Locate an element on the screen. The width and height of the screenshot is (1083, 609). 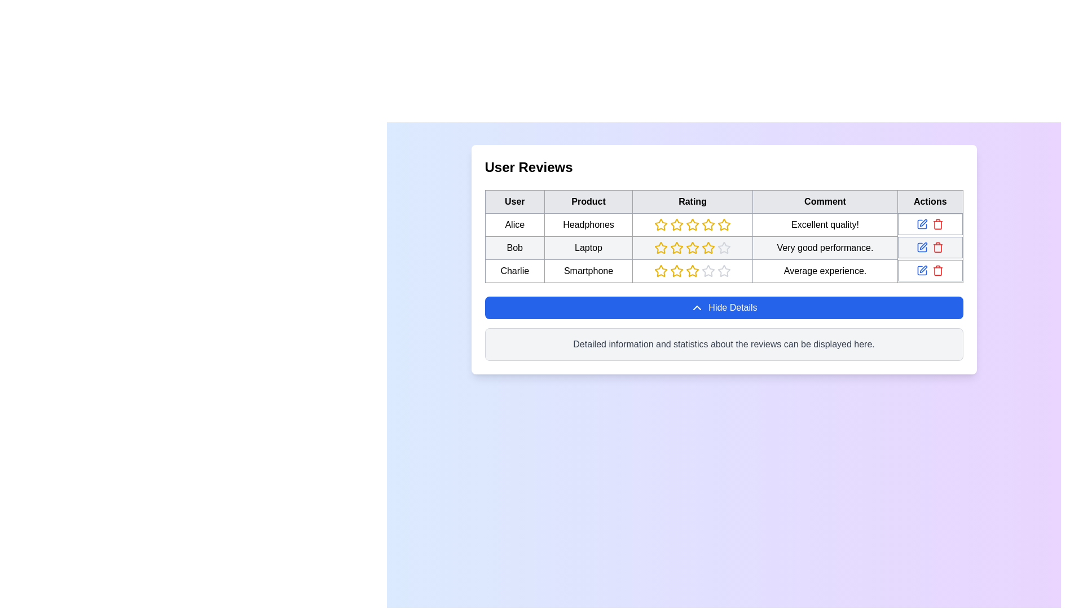
the third star is located at coordinates (692, 247).